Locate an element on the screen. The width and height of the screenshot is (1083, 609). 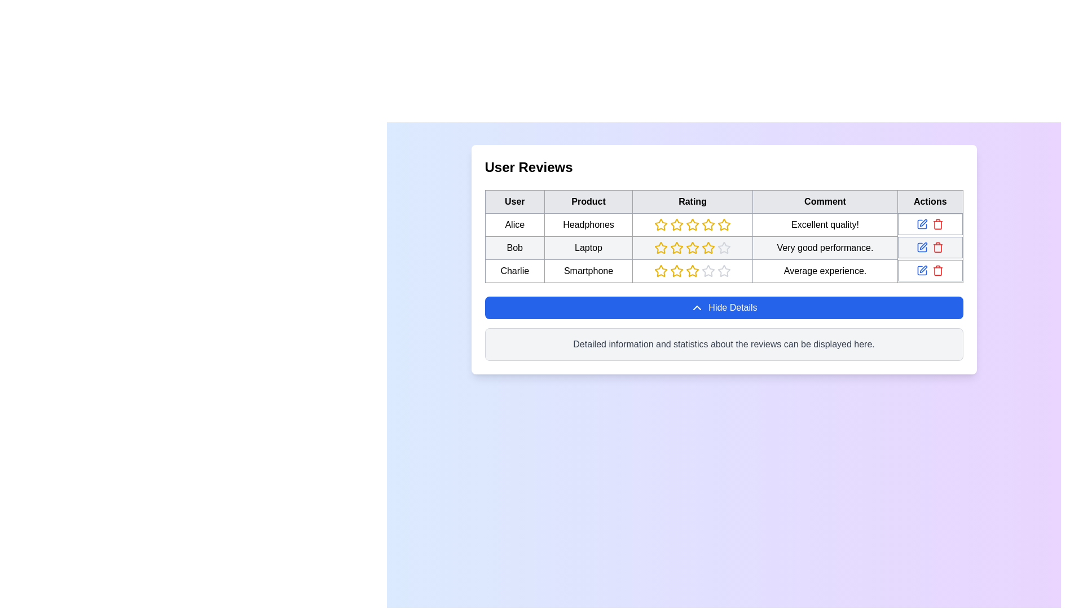
the third star is located at coordinates (692, 247).